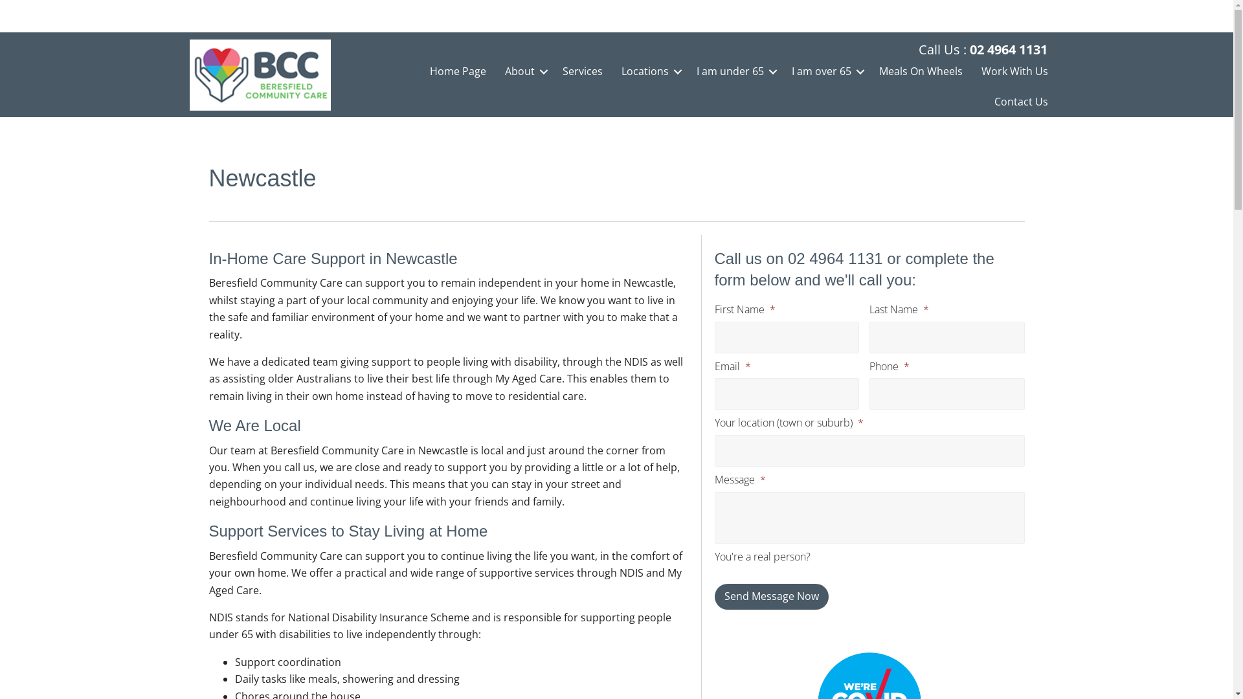  What do you see at coordinates (1020, 101) in the screenshot?
I see `'Contact Us'` at bounding box center [1020, 101].